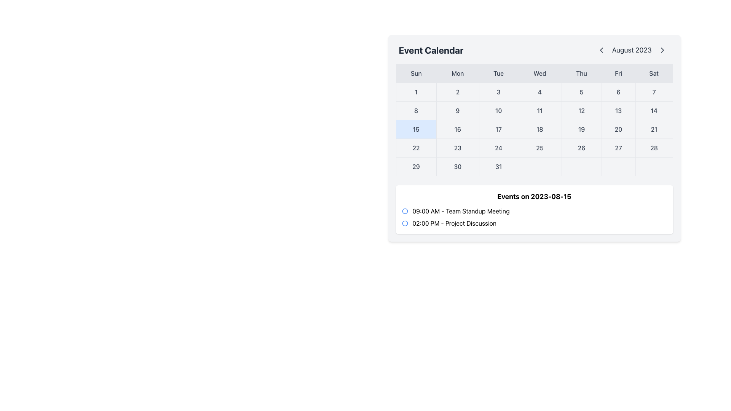 This screenshot has width=731, height=411. What do you see at coordinates (618, 92) in the screenshot?
I see `the static text element displaying the date '6' in the calendar view, located in the top right section of the interface` at bounding box center [618, 92].